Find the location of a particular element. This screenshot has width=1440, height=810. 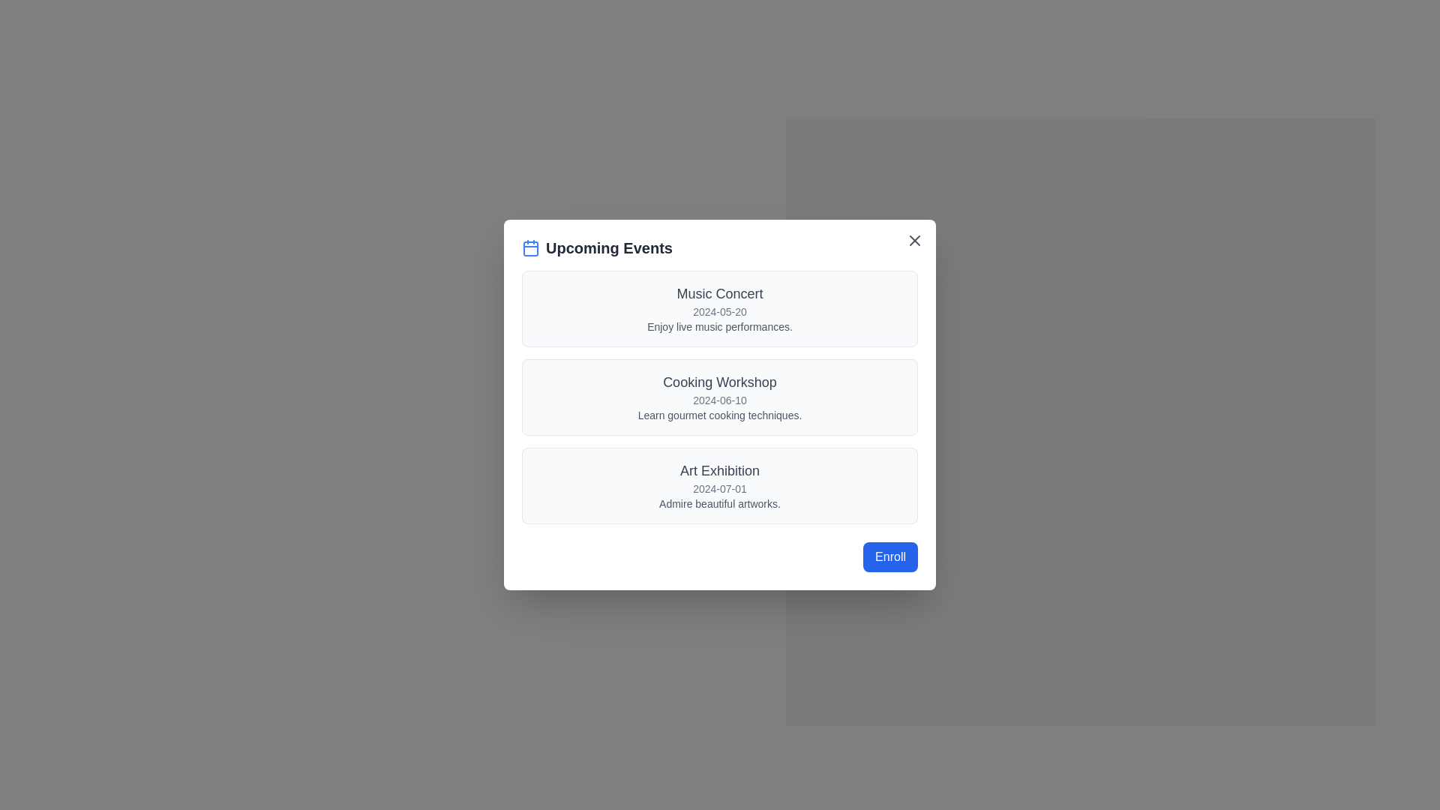

the text label reading 'Music Concert' which is centrally aligned within a card section in the 'Upcoming Events' dialog box is located at coordinates (720, 294).